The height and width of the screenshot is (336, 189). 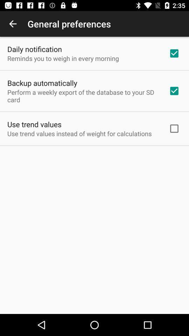 I want to click on daily notification item, so click(x=34, y=49).